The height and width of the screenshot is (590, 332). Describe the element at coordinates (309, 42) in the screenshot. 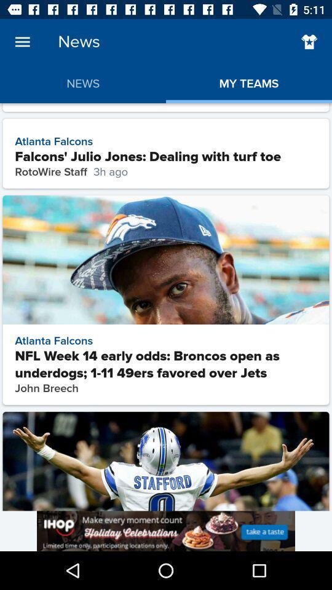

I see `save` at that location.